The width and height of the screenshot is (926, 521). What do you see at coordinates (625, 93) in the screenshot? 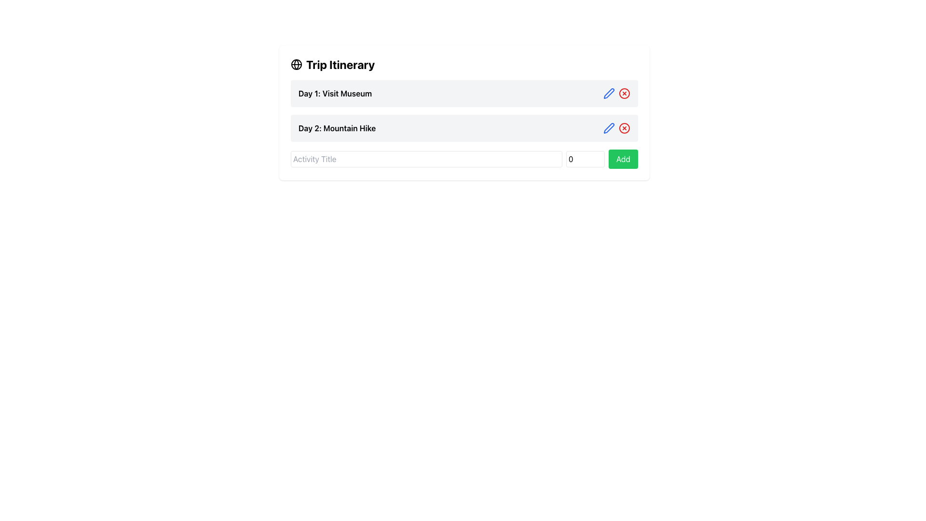
I see `the circular delete button with a red border and red cross located at the top-right corner of the 'Day 1: Visit Museum' row` at bounding box center [625, 93].